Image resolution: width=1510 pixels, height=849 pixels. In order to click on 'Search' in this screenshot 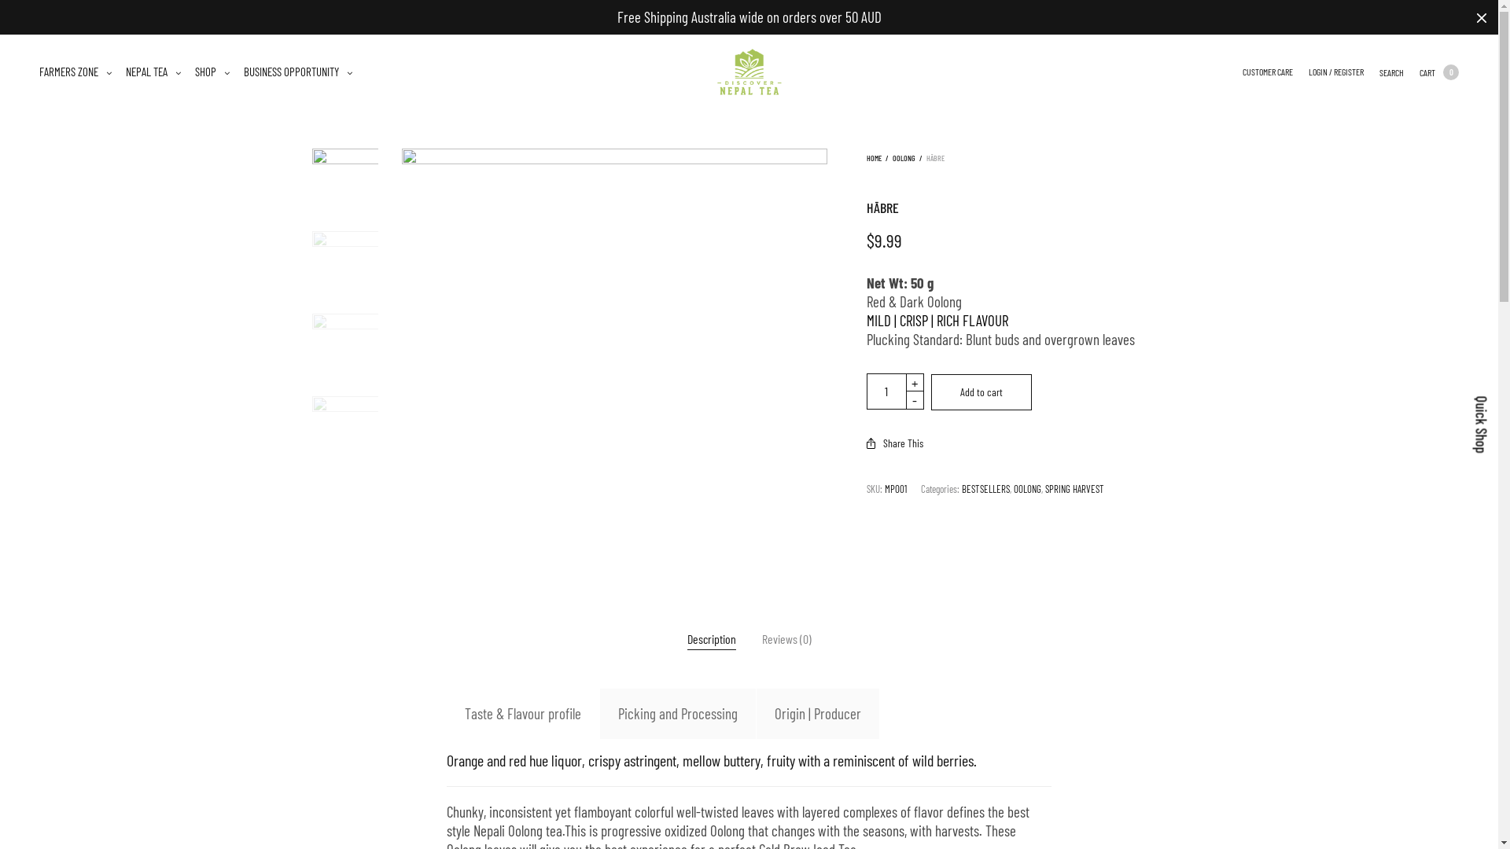, I will do `click(13, 6)`.